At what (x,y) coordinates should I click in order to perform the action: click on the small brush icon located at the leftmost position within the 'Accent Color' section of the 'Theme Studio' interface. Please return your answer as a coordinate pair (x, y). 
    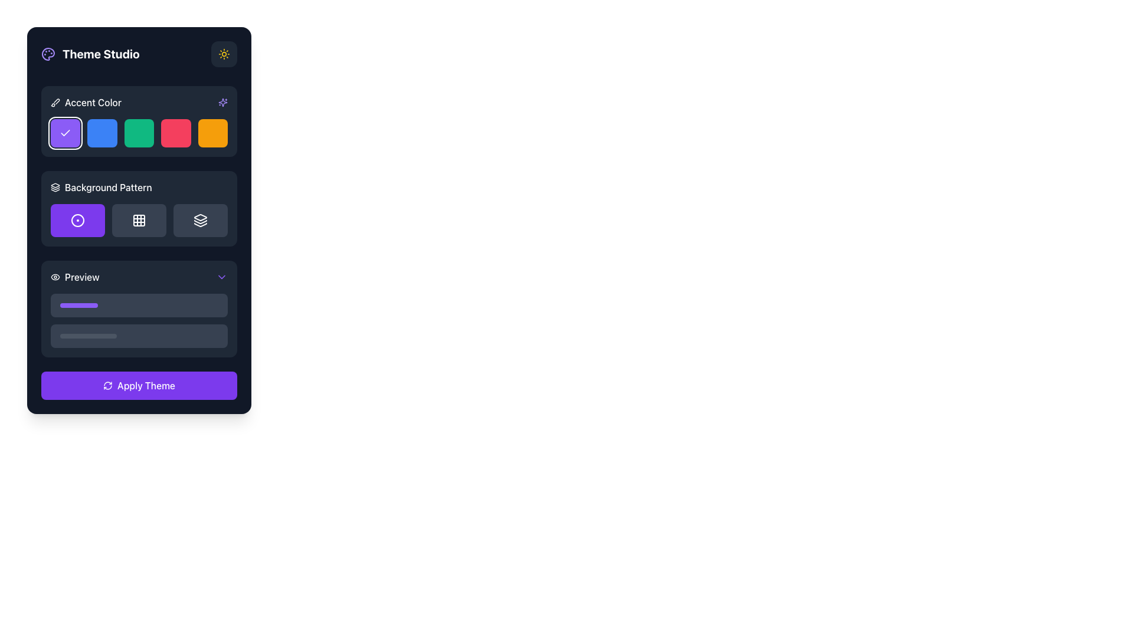
    Looking at the image, I should click on (55, 101).